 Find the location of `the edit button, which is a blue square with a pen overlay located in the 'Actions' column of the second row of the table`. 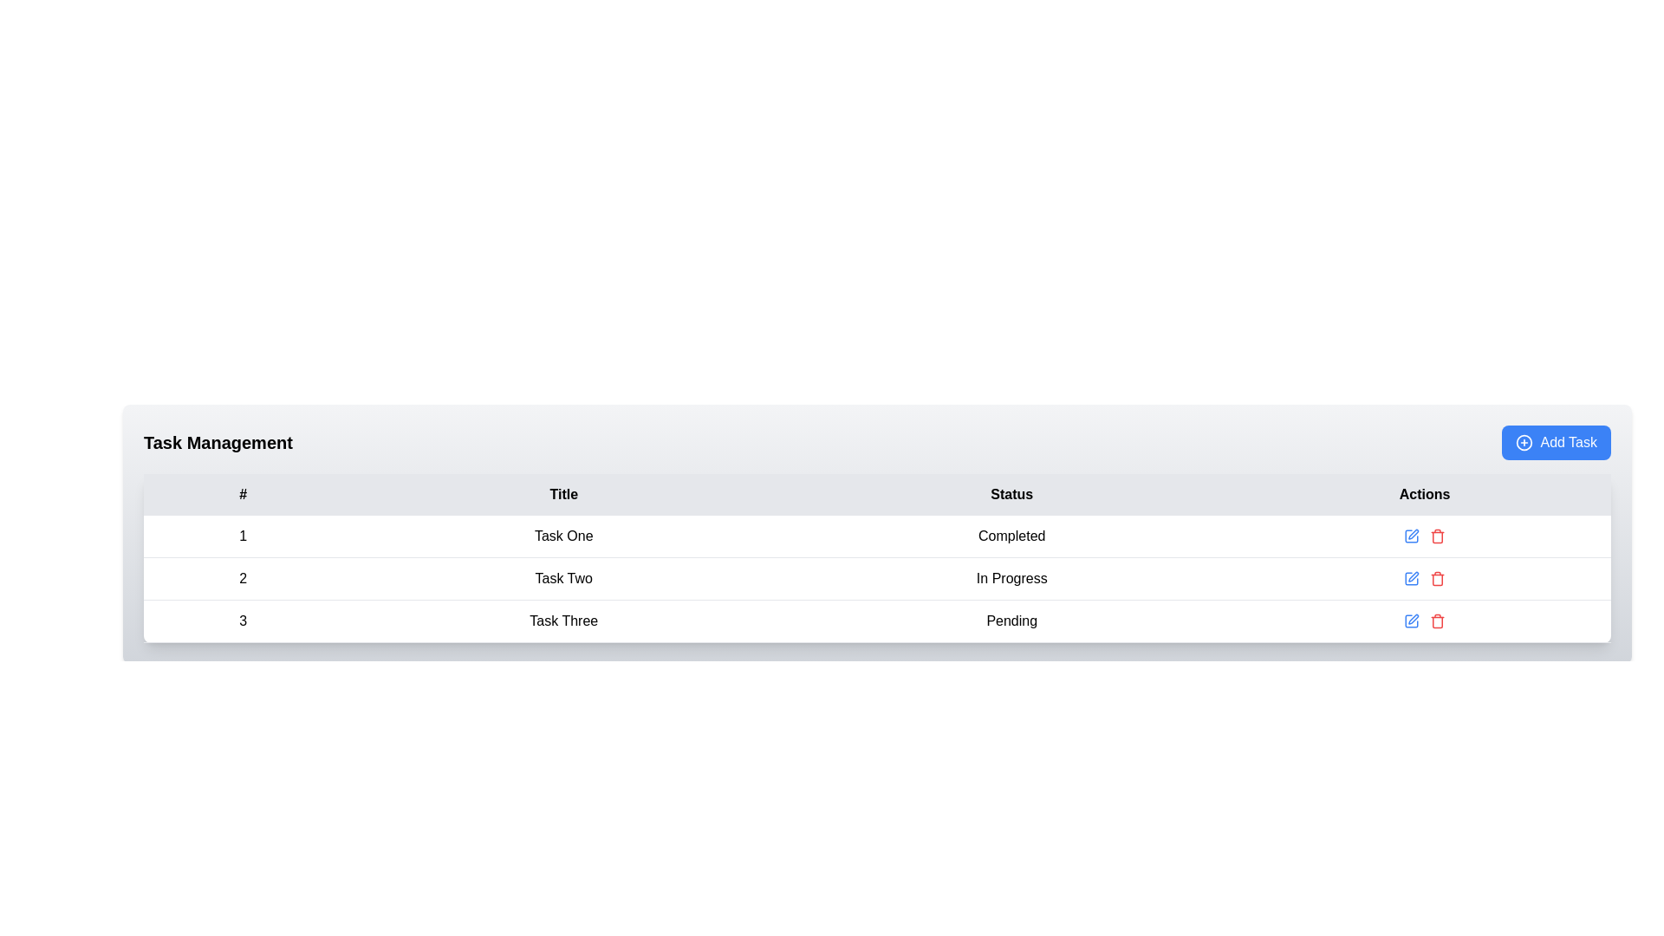

the edit button, which is a blue square with a pen overlay located in the 'Actions' column of the second row of the table is located at coordinates (1411, 535).